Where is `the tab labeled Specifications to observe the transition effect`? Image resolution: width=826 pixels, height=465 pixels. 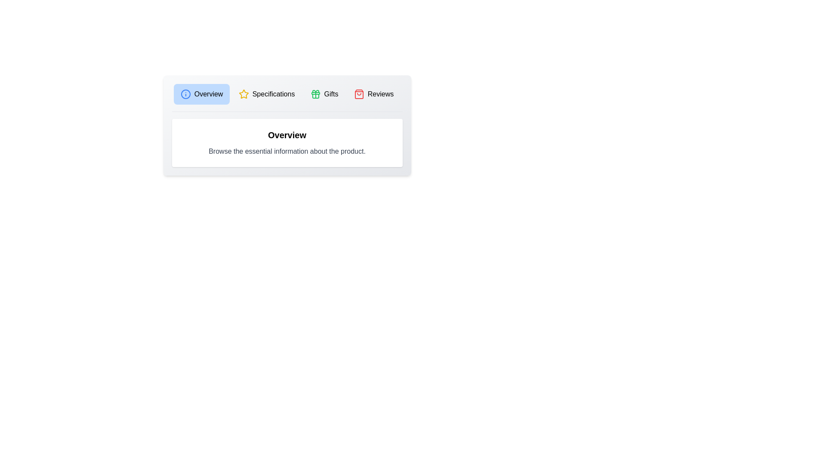
the tab labeled Specifications to observe the transition effect is located at coordinates (266, 94).